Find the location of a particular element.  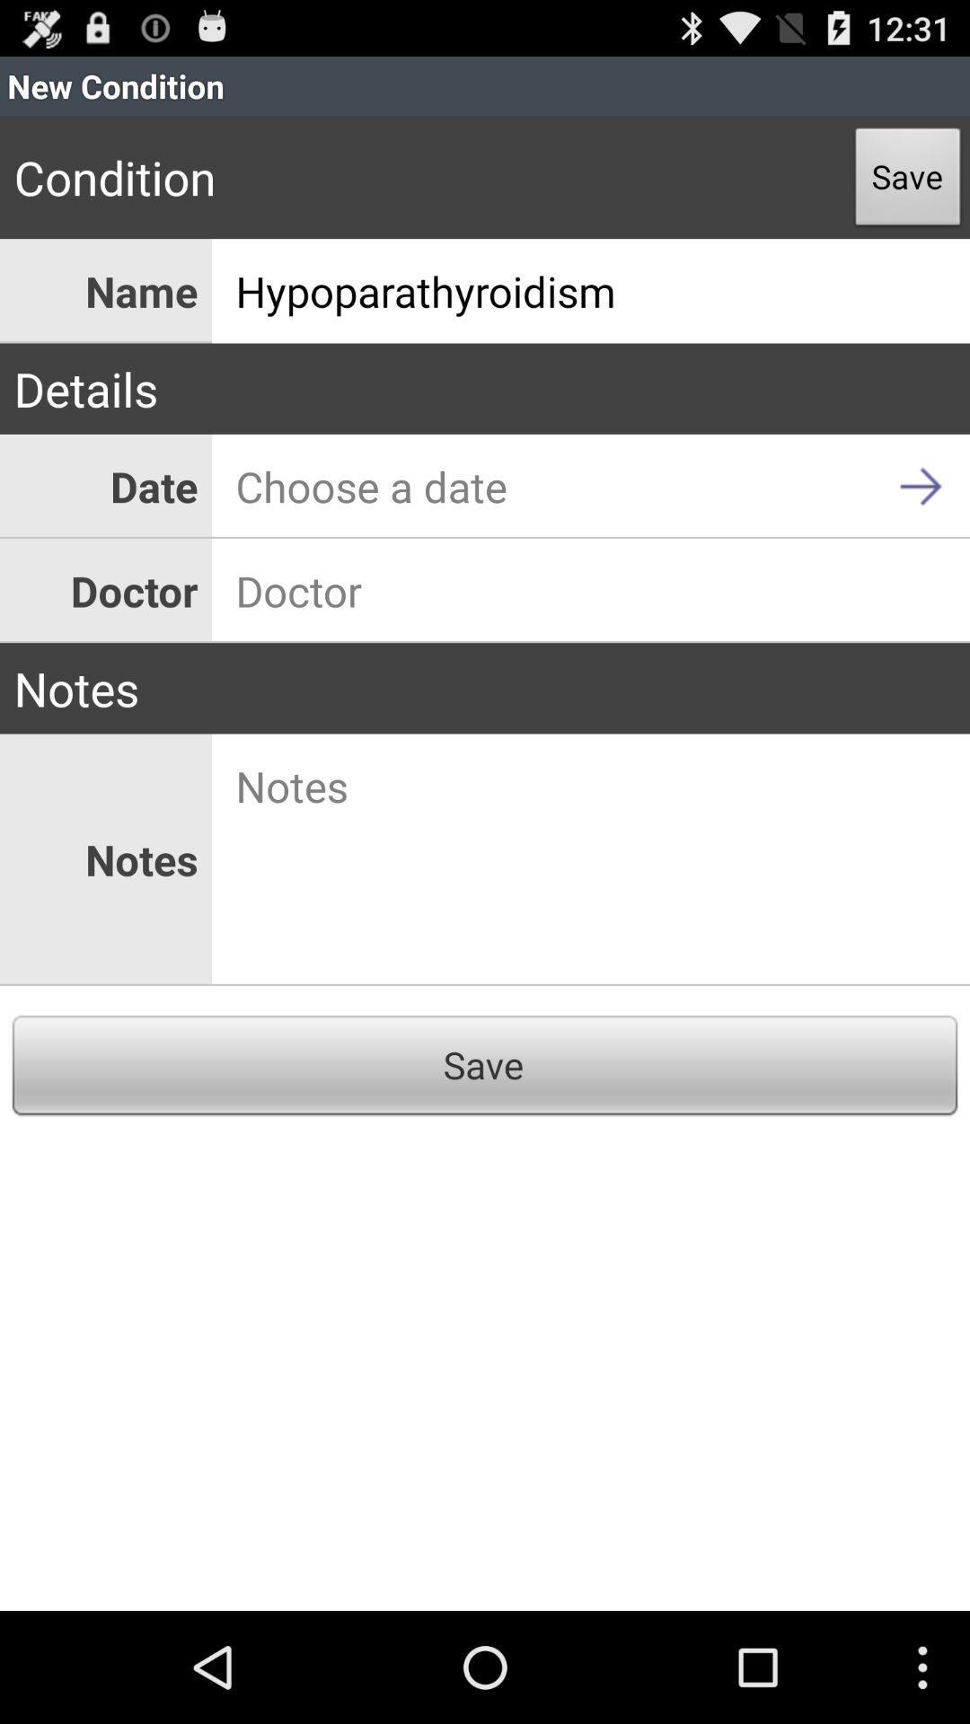

notes is located at coordinates (591, 858).